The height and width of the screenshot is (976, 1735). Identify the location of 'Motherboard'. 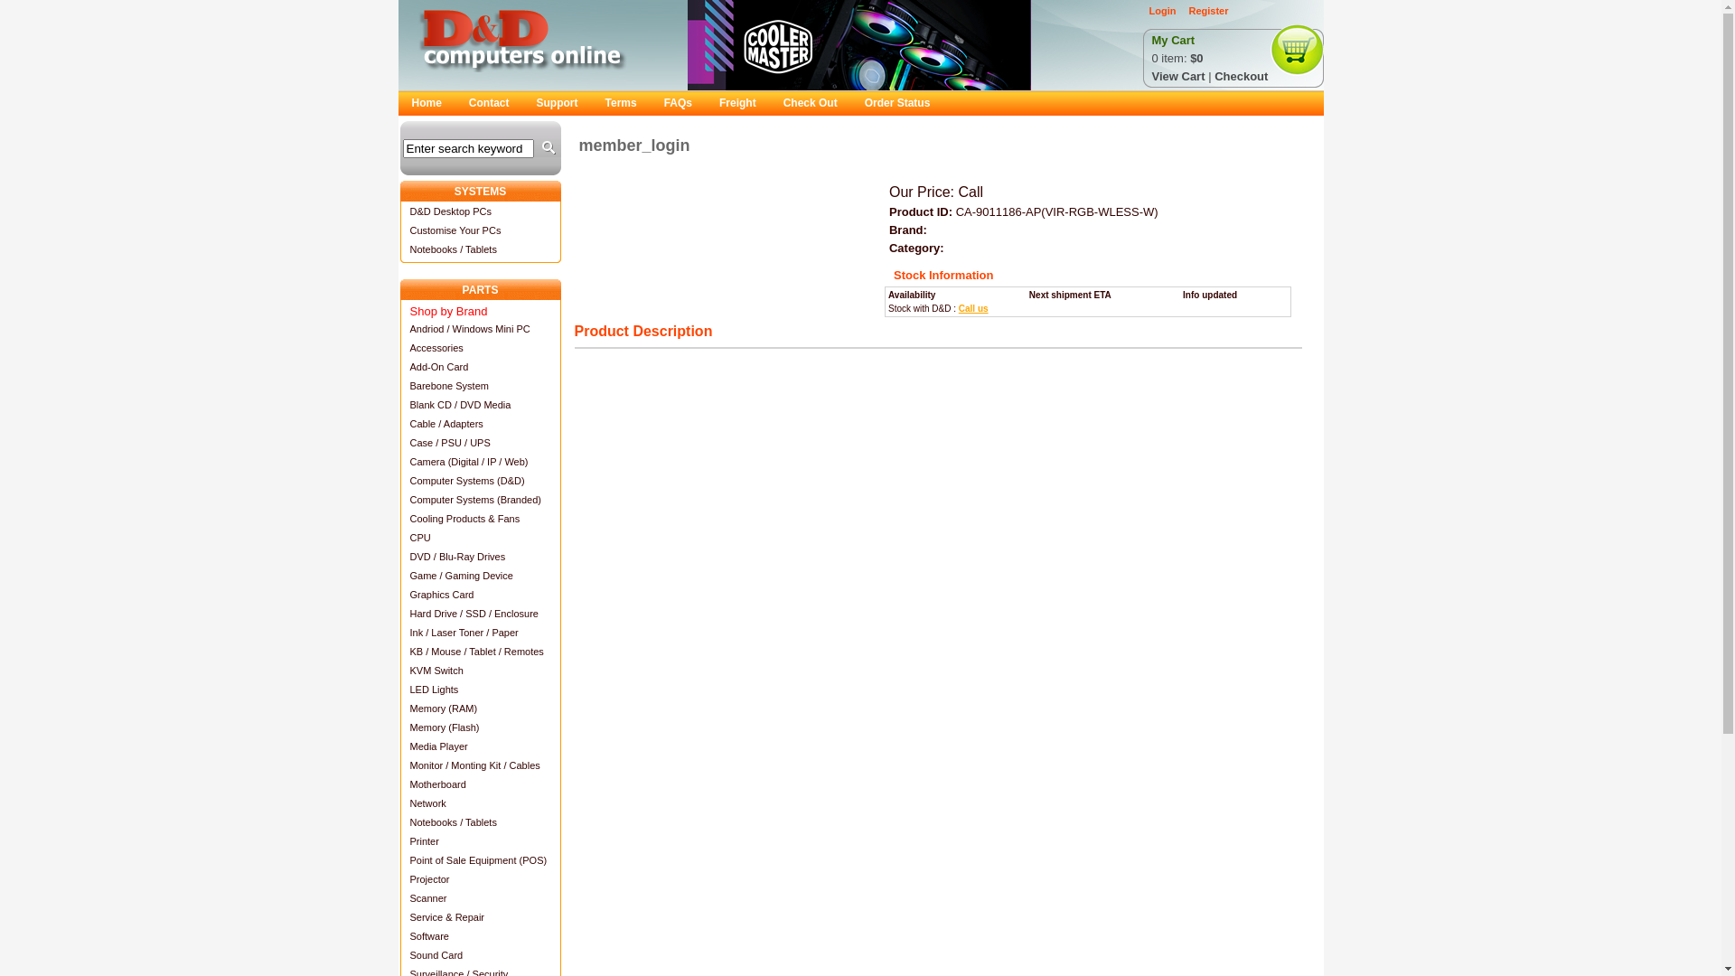
(398, 783).